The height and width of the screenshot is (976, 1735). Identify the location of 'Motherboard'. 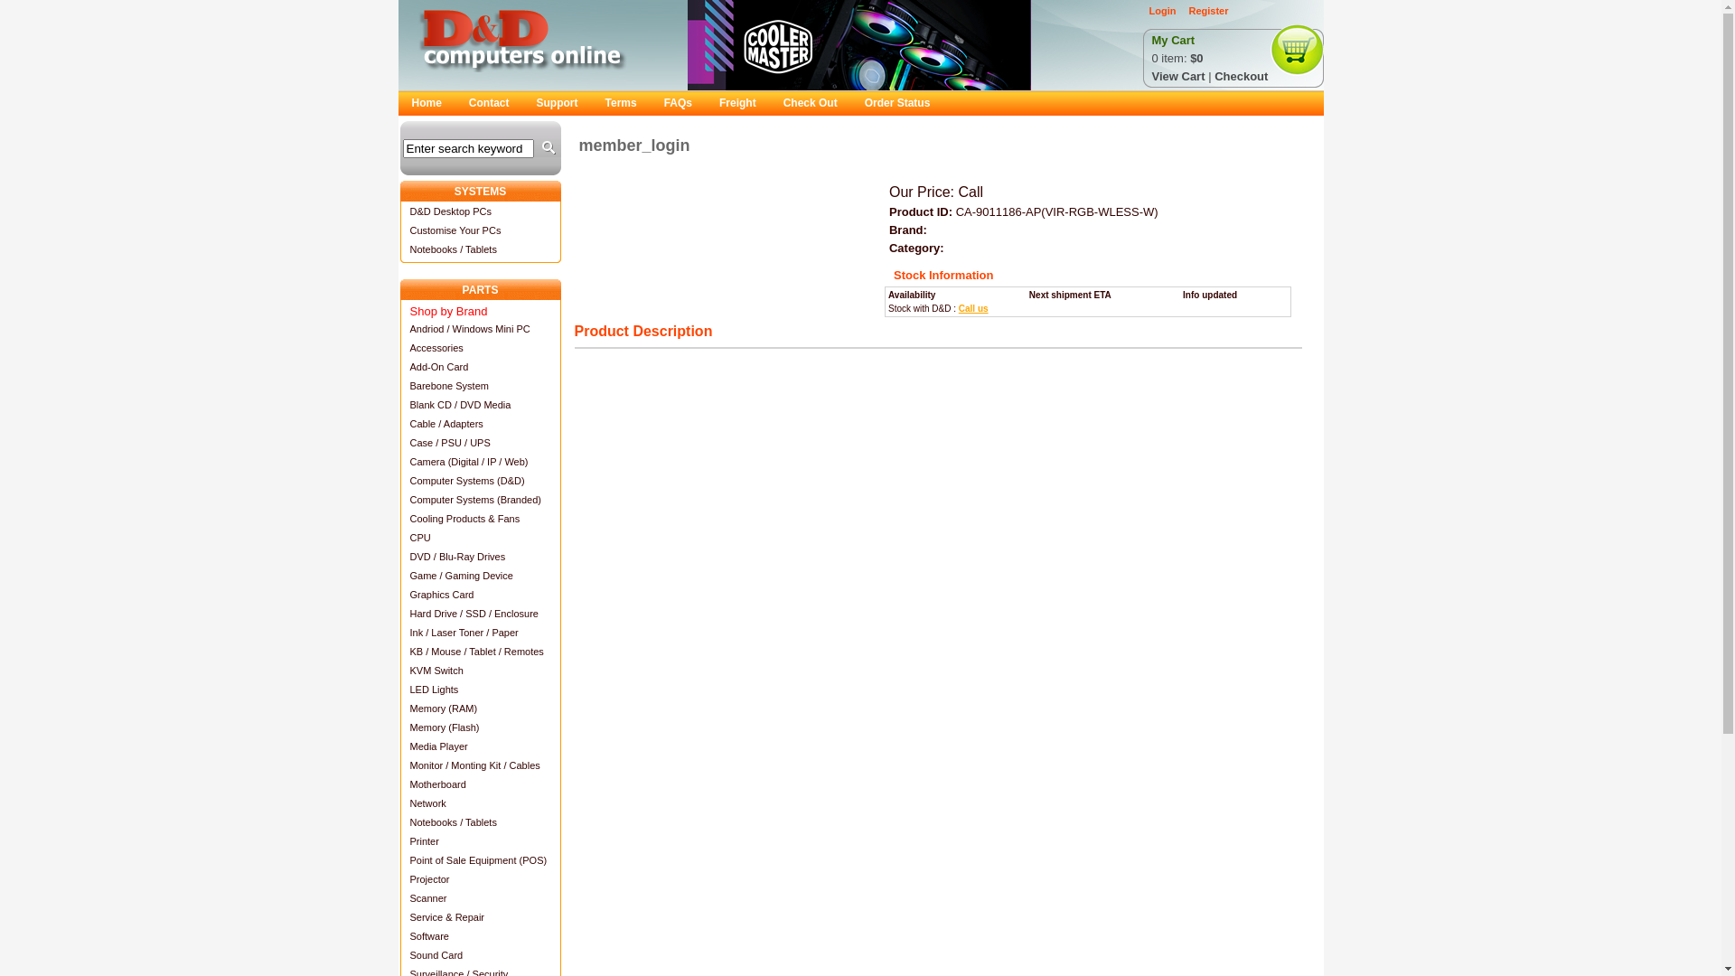
(398, 783).